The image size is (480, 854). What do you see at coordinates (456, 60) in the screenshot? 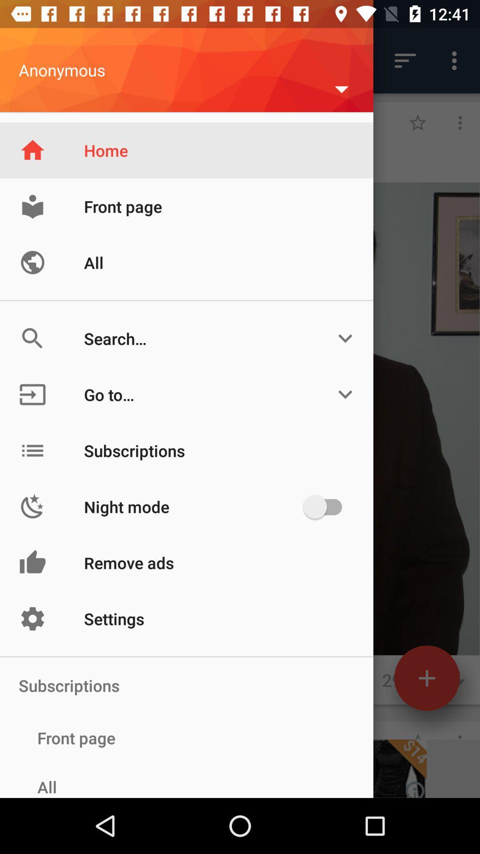
I see `the three dots button on the top right corner of the web page` at bounding box center [456, 60].